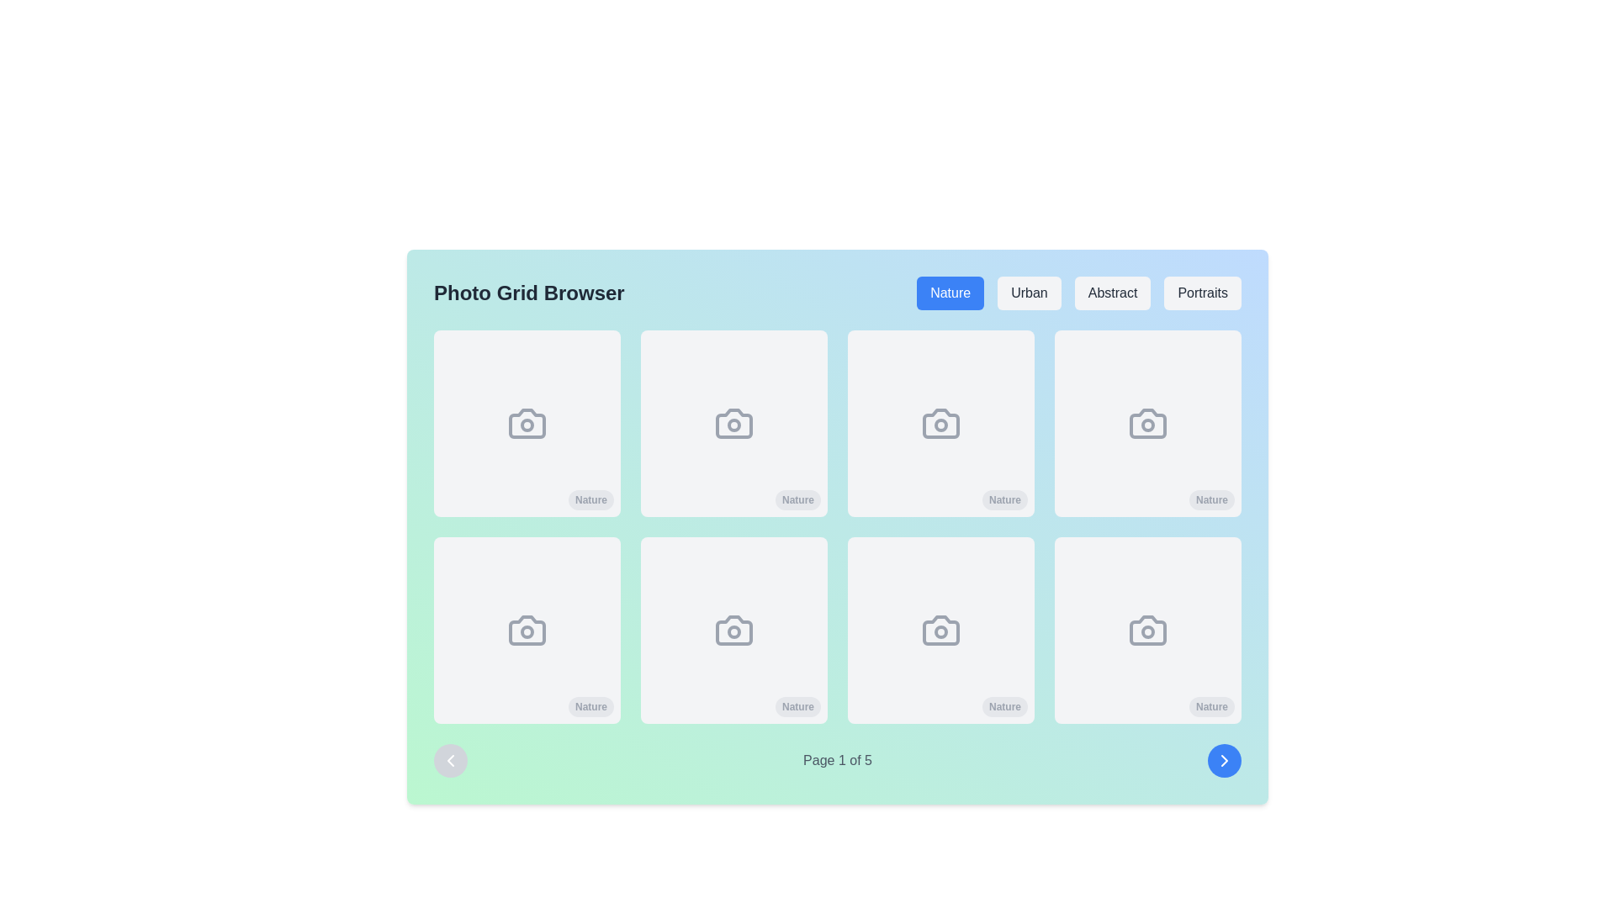  I want to click on the camera icon in the bottom-right square of the 4x2 grid, which is associated with nature, so click(1146, 630).